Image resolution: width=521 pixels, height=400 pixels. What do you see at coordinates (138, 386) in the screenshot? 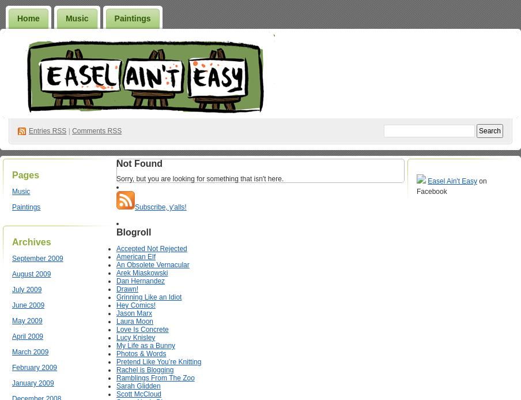
I see `'Sarah Glidden'` at bounding box center [138, 386].